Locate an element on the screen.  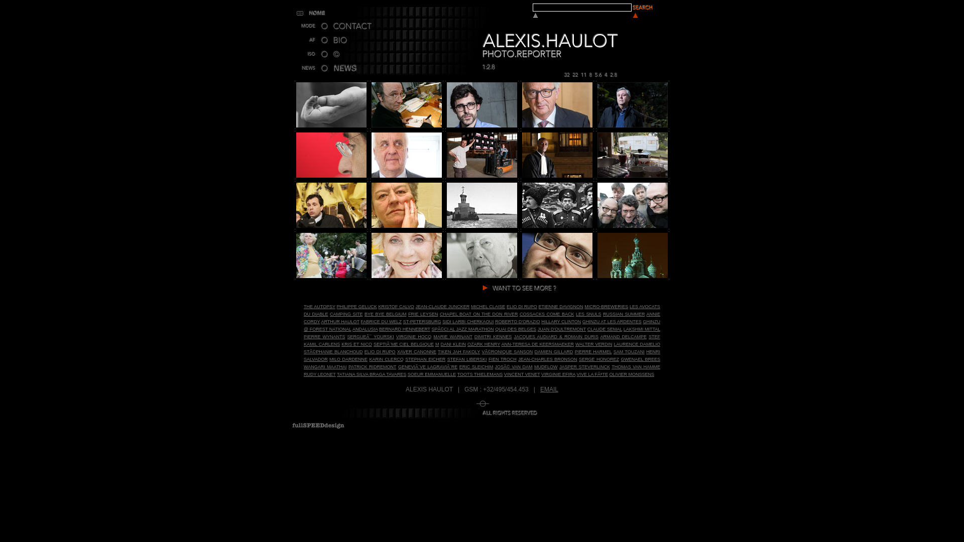
'RUSSIAN SUMMER' is located at coordinates (623, 313).